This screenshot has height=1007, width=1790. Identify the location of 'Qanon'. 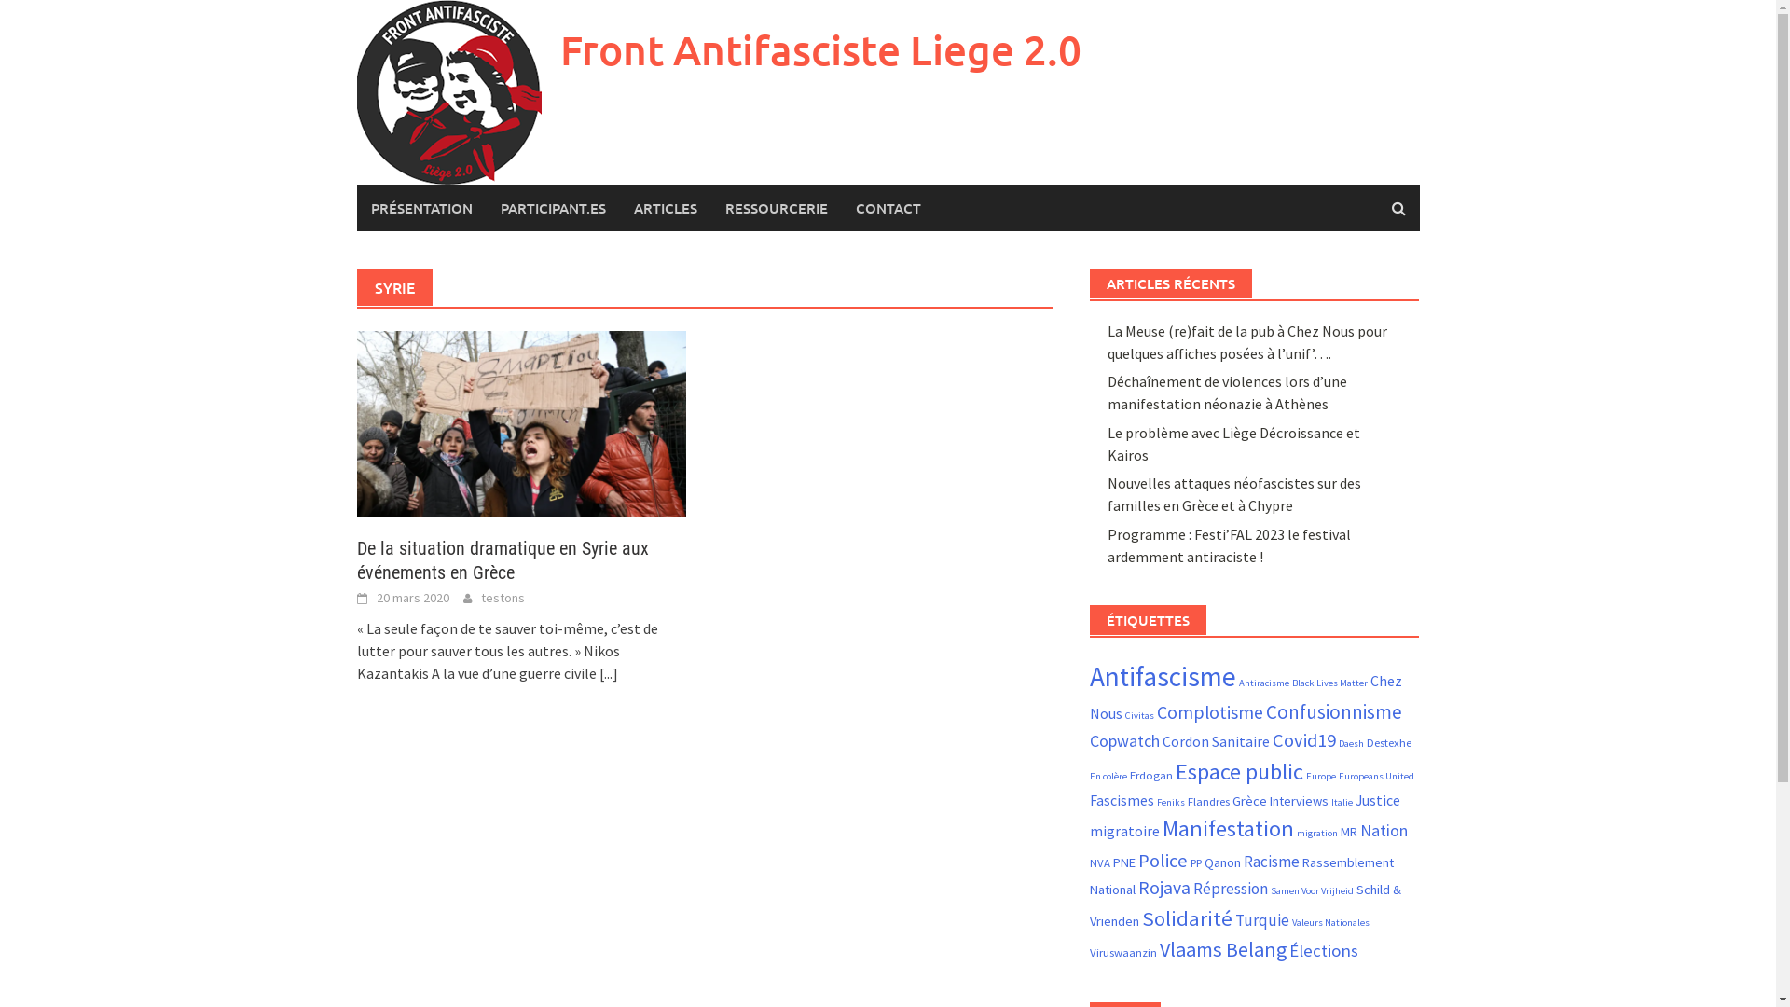
(1222, 862).